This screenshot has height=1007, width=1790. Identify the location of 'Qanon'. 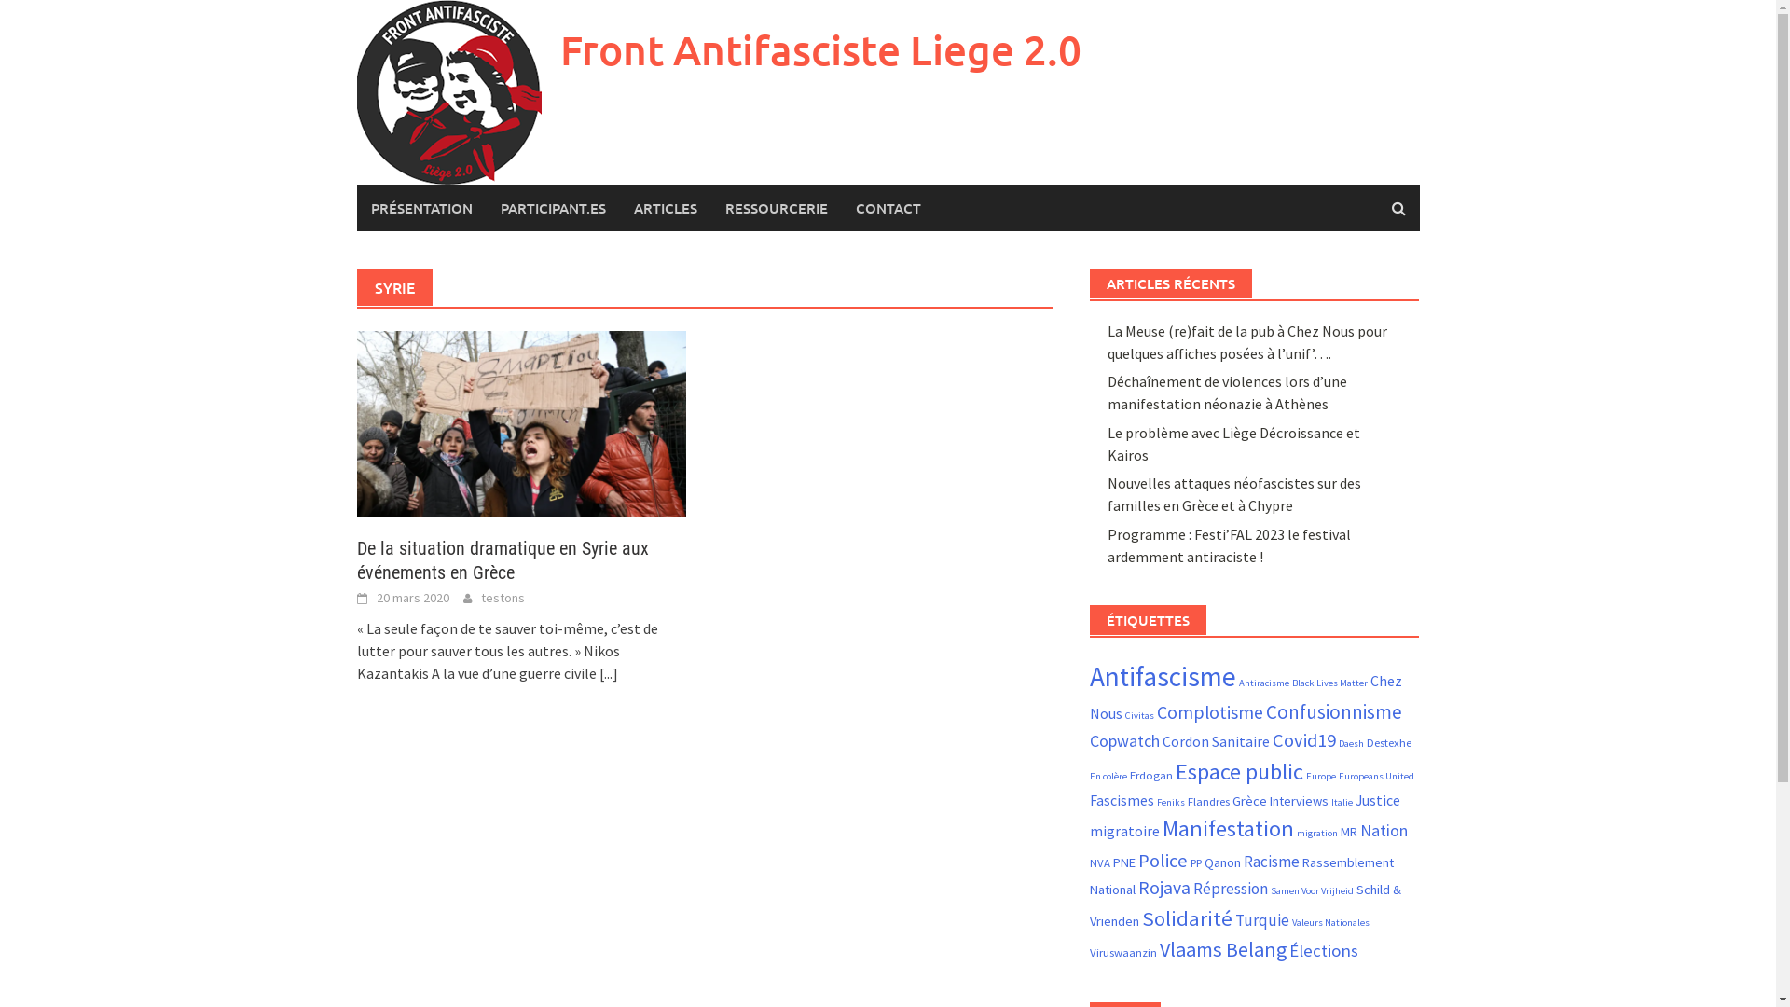
(1222, 862).